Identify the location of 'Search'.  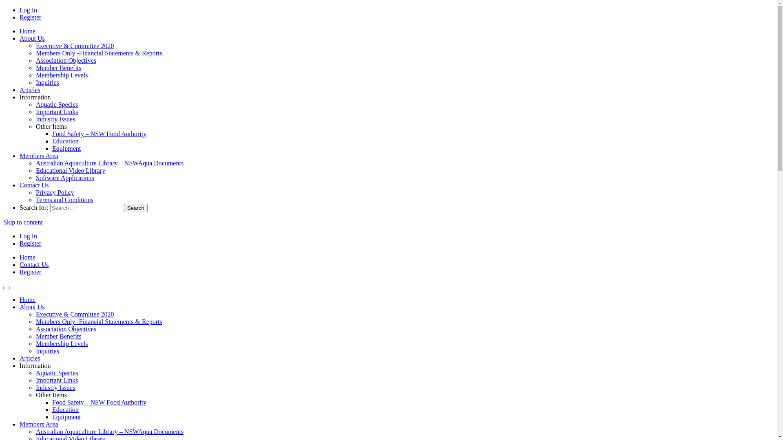
(135, 207).